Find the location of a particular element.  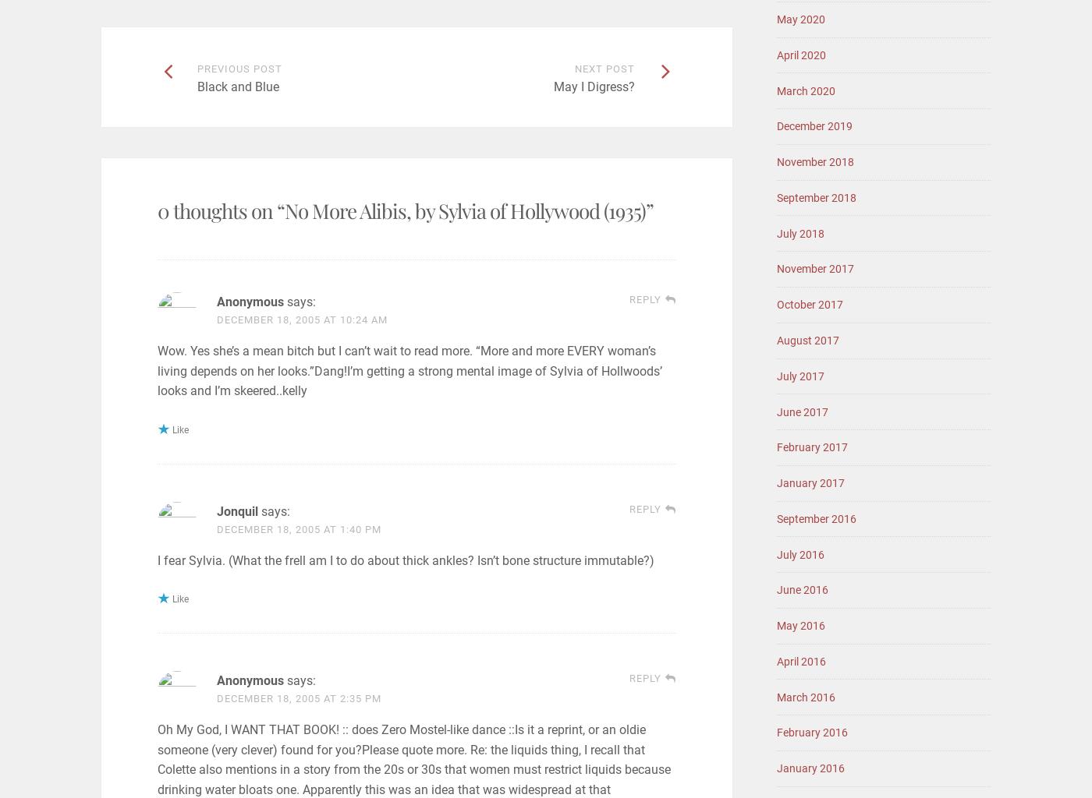

'December 18, 2005 at 2:35 pm' is located at coordinates (216, 697).